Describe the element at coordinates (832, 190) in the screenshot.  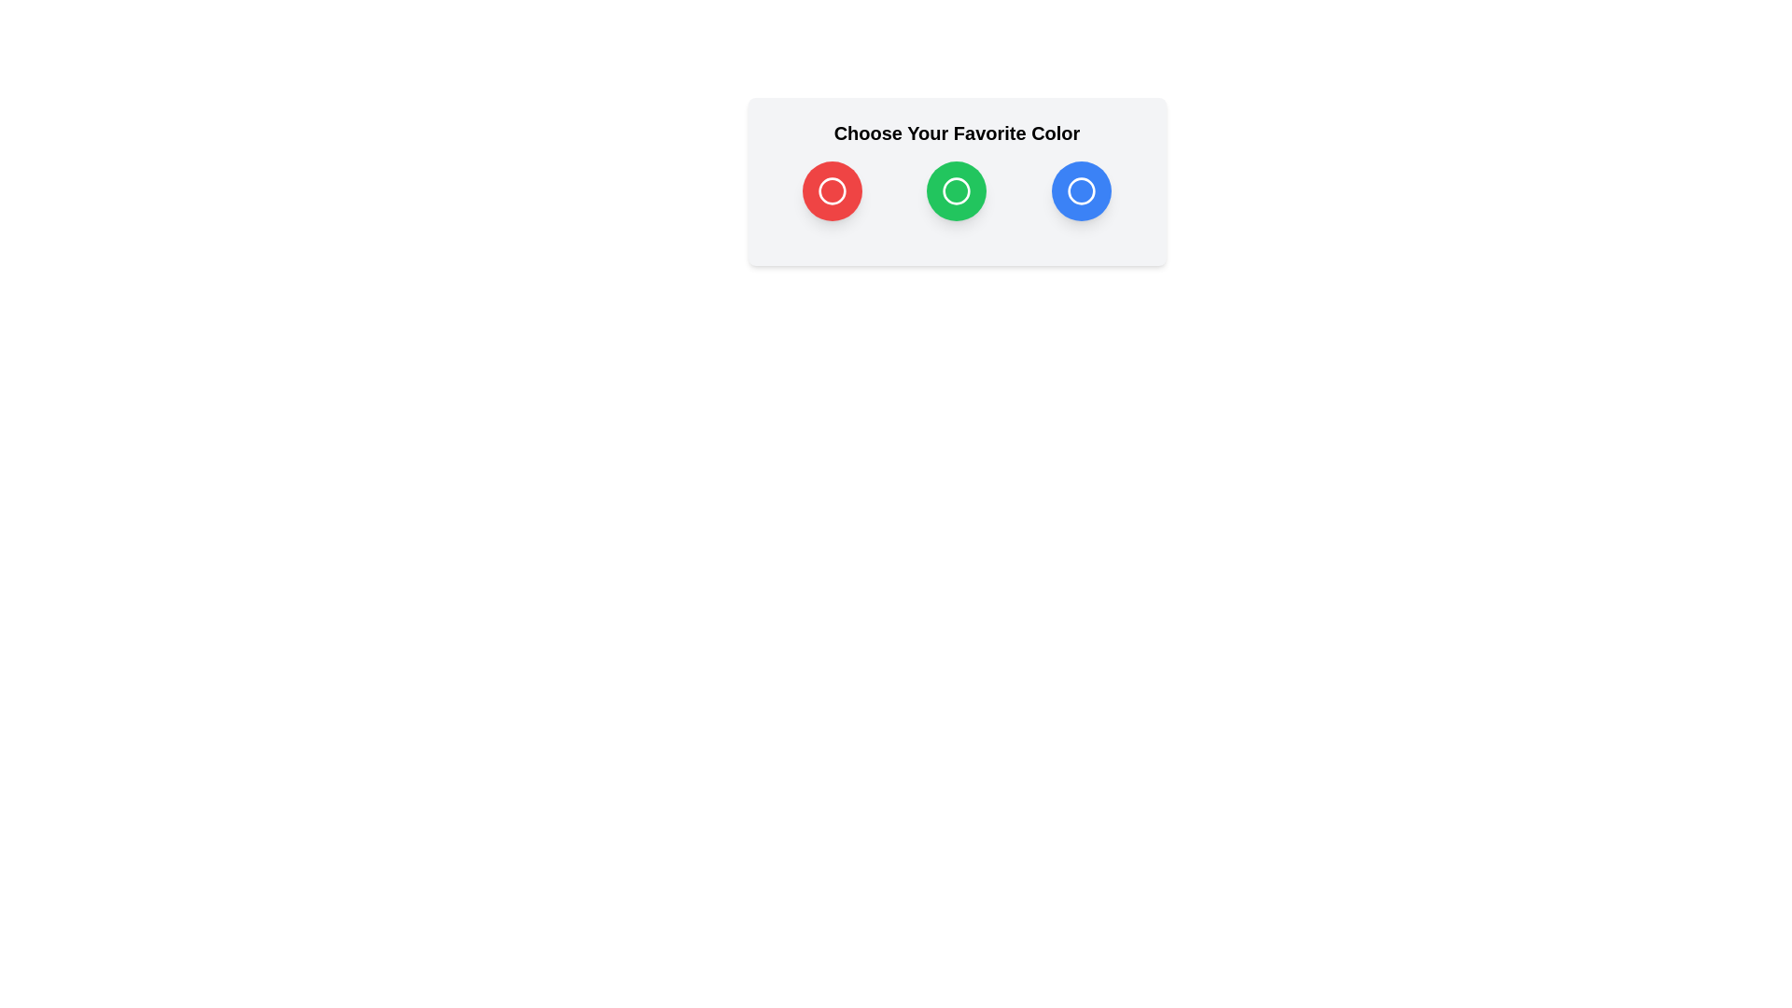
I see `the color button corresponding to Red` at that location.